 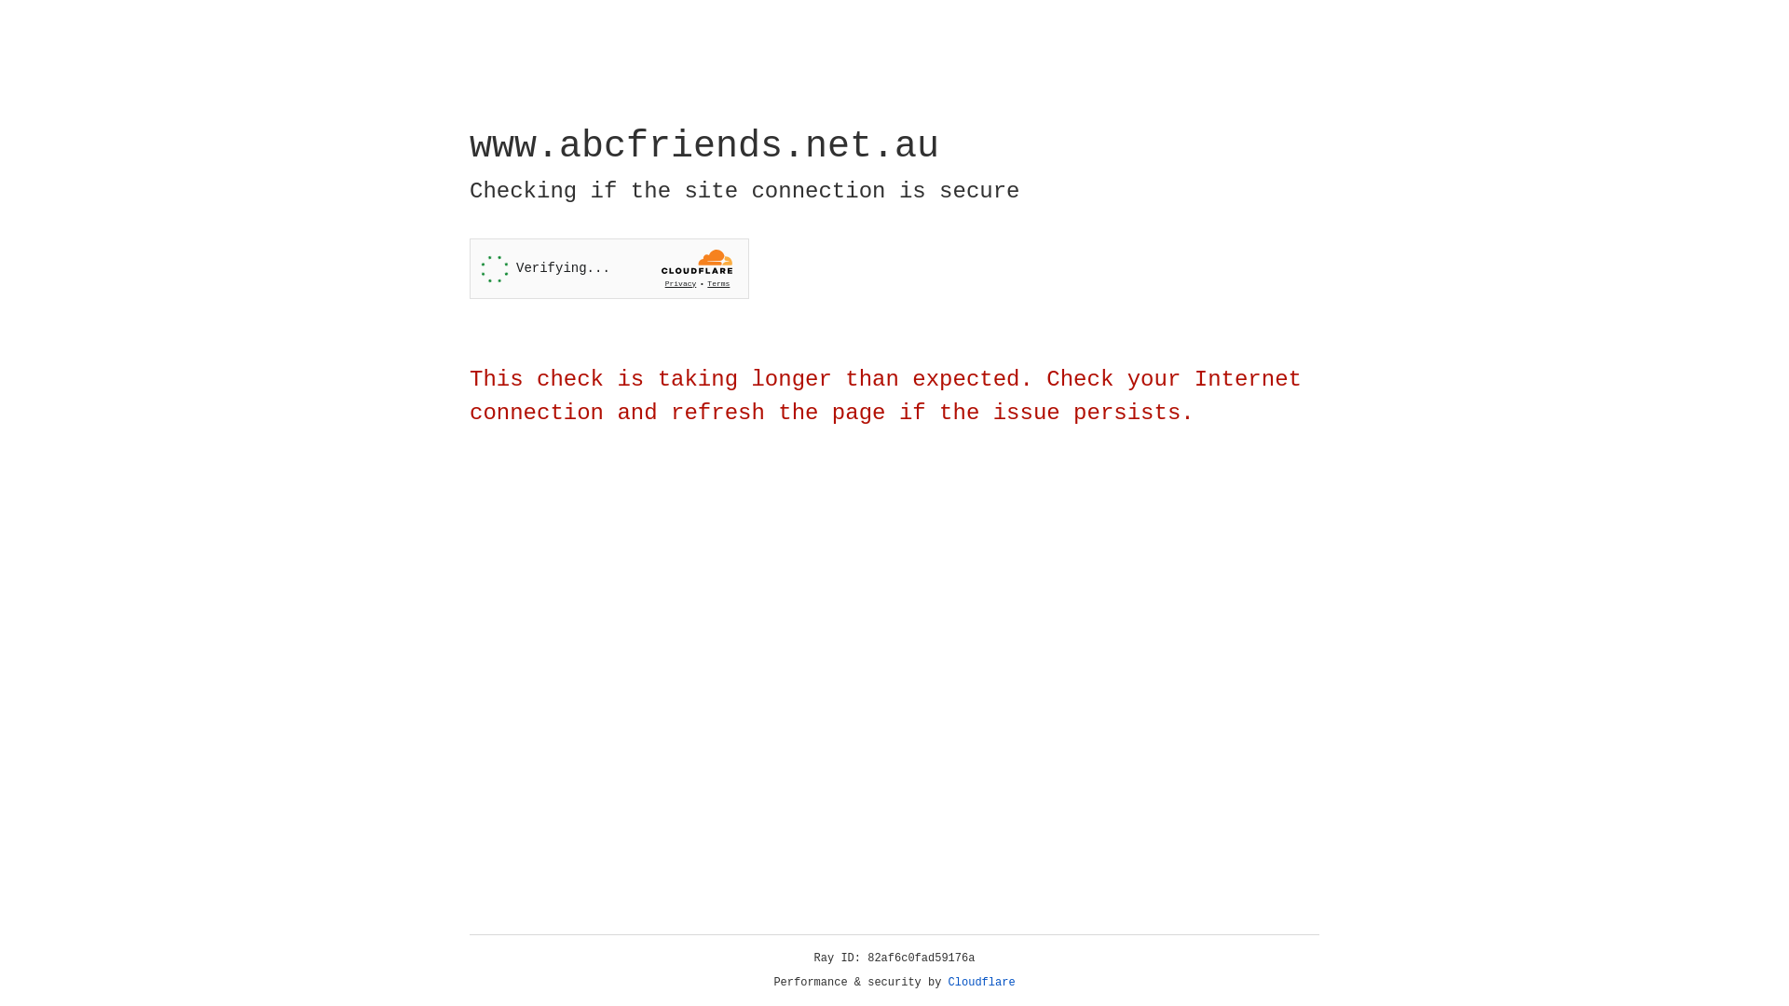 I want to click on 'Cloudflare', so click(x=981, y=982).